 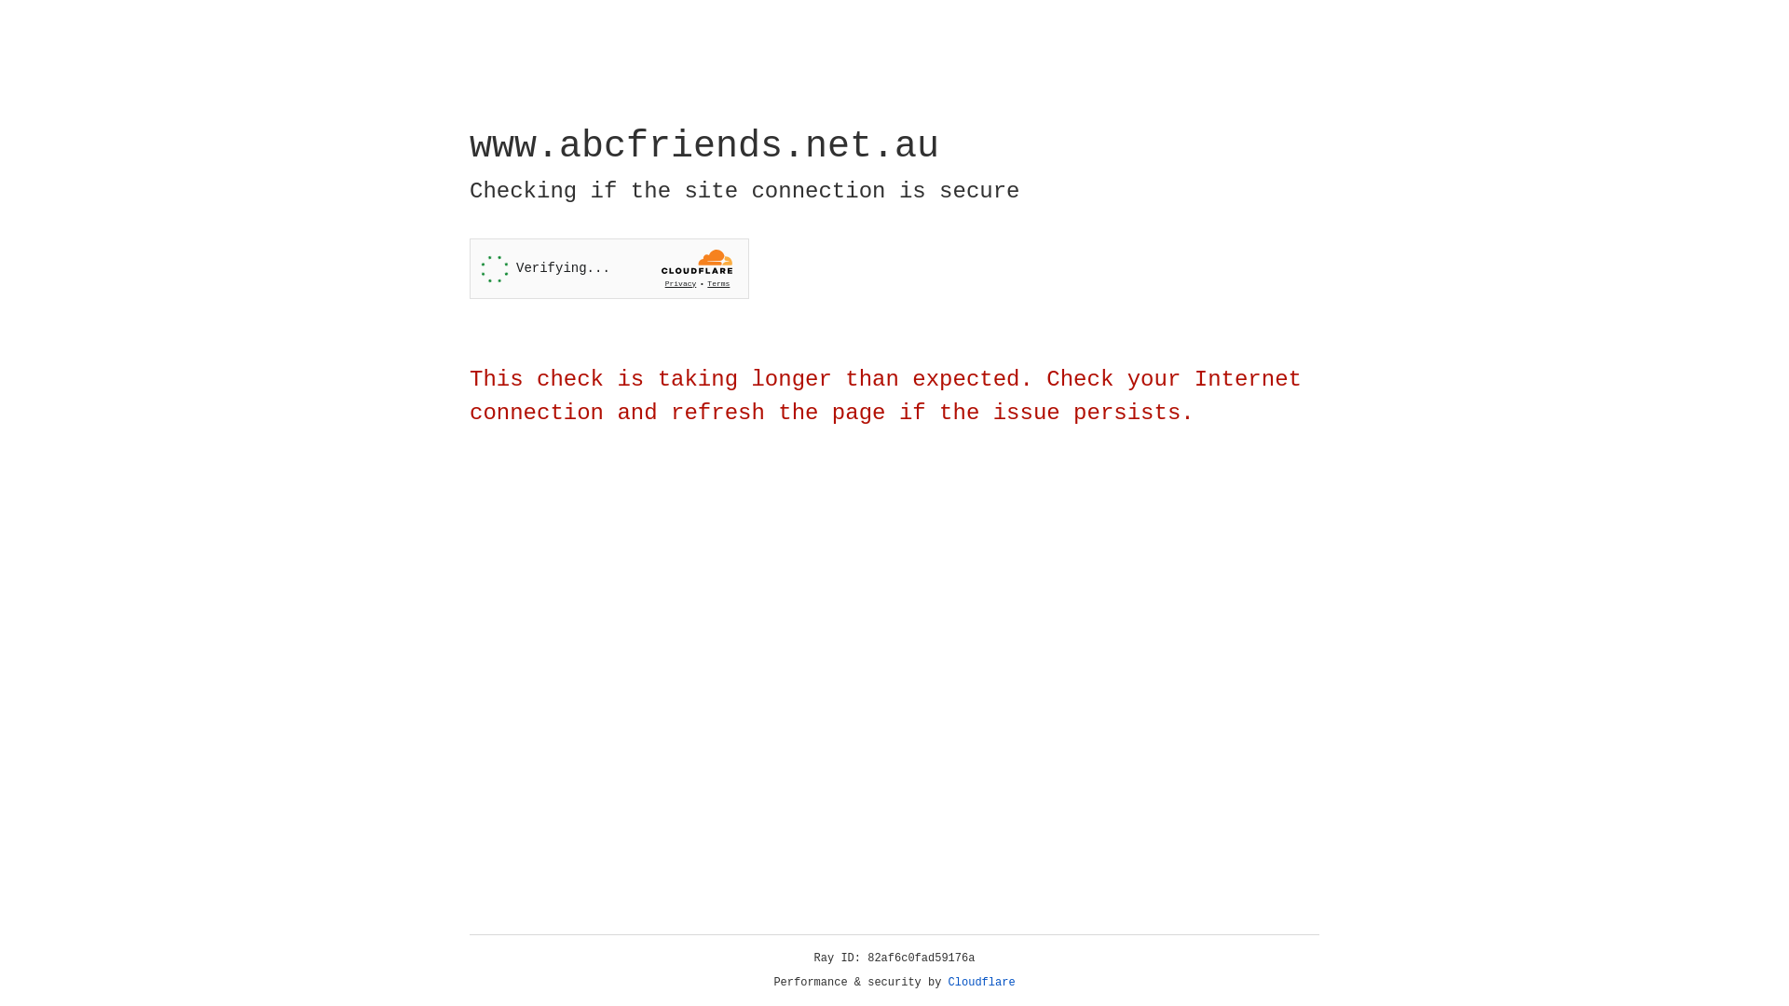 I want to click on 'Cloudflare', so click(x=981, y=982).